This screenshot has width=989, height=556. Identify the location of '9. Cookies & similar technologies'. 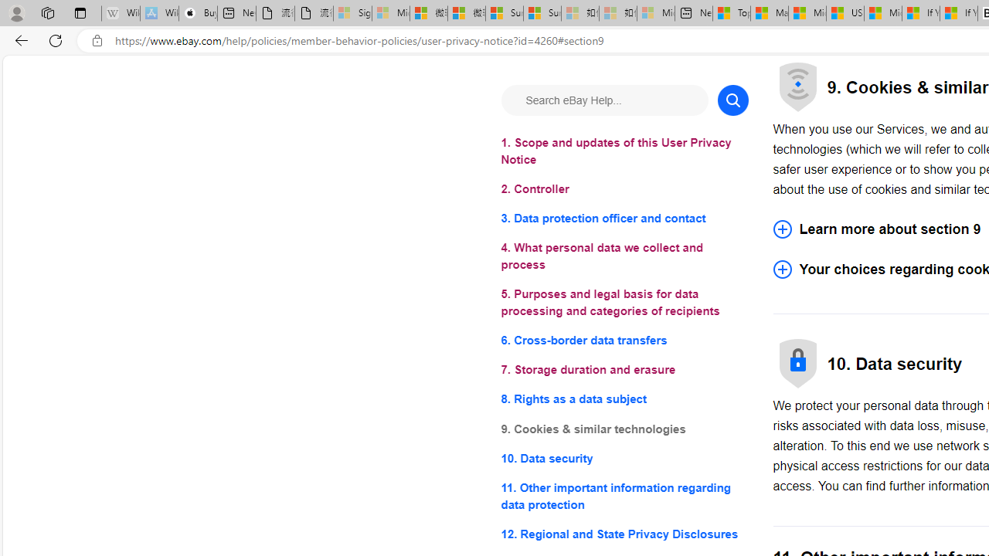
(624, 429).